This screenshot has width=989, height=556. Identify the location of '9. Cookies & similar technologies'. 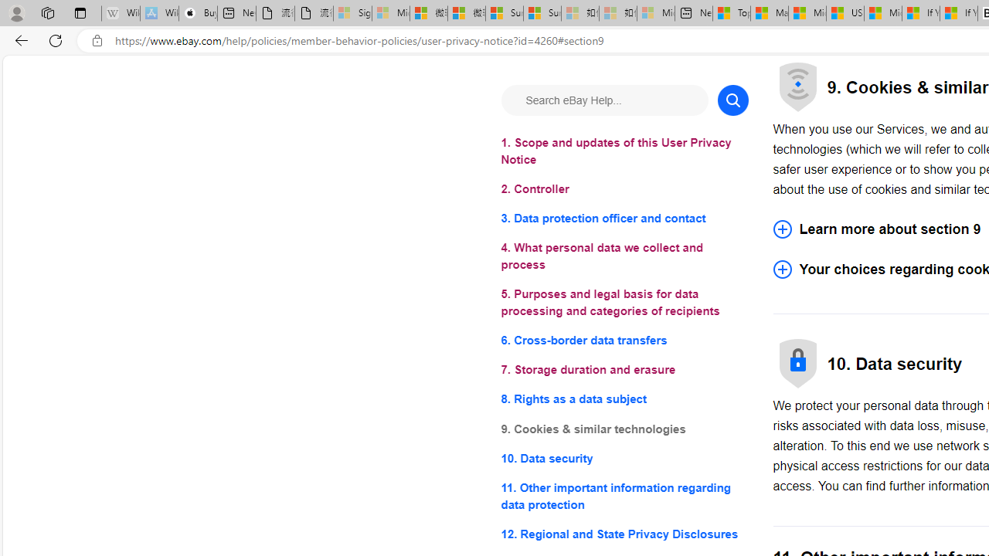
(624, 429).